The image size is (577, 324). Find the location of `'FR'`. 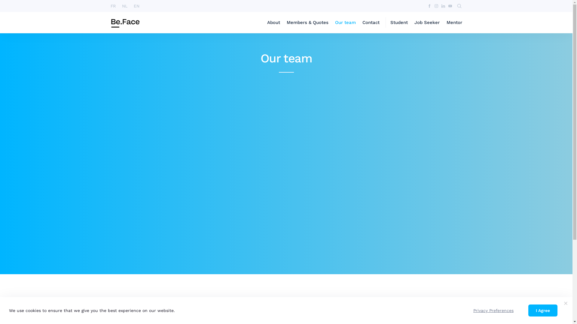

'FR' is located at coordinates (113, 6).